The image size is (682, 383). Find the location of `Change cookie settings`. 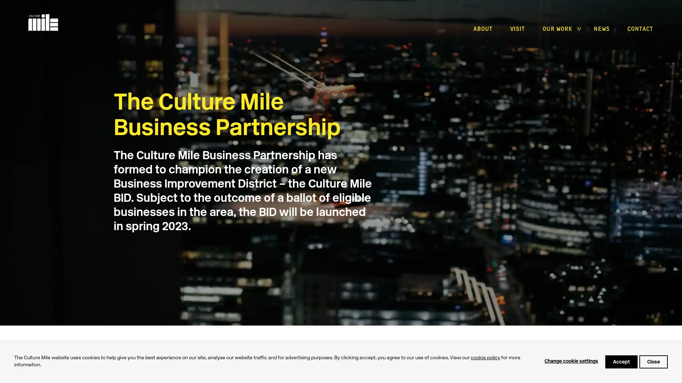

Change cookie settings is located at coordinates (571, 361).